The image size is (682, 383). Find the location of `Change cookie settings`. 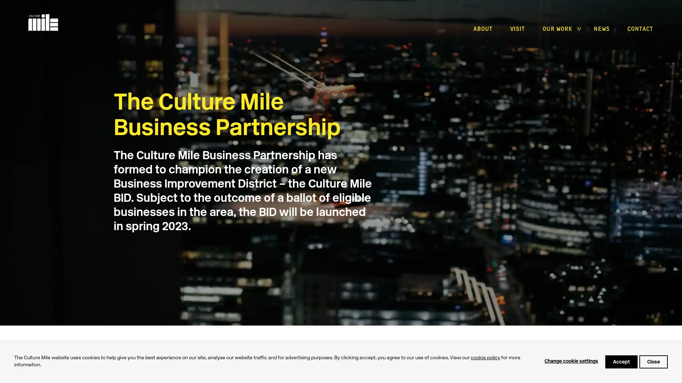

Change cookie settings is located at coordinates (571, 361).